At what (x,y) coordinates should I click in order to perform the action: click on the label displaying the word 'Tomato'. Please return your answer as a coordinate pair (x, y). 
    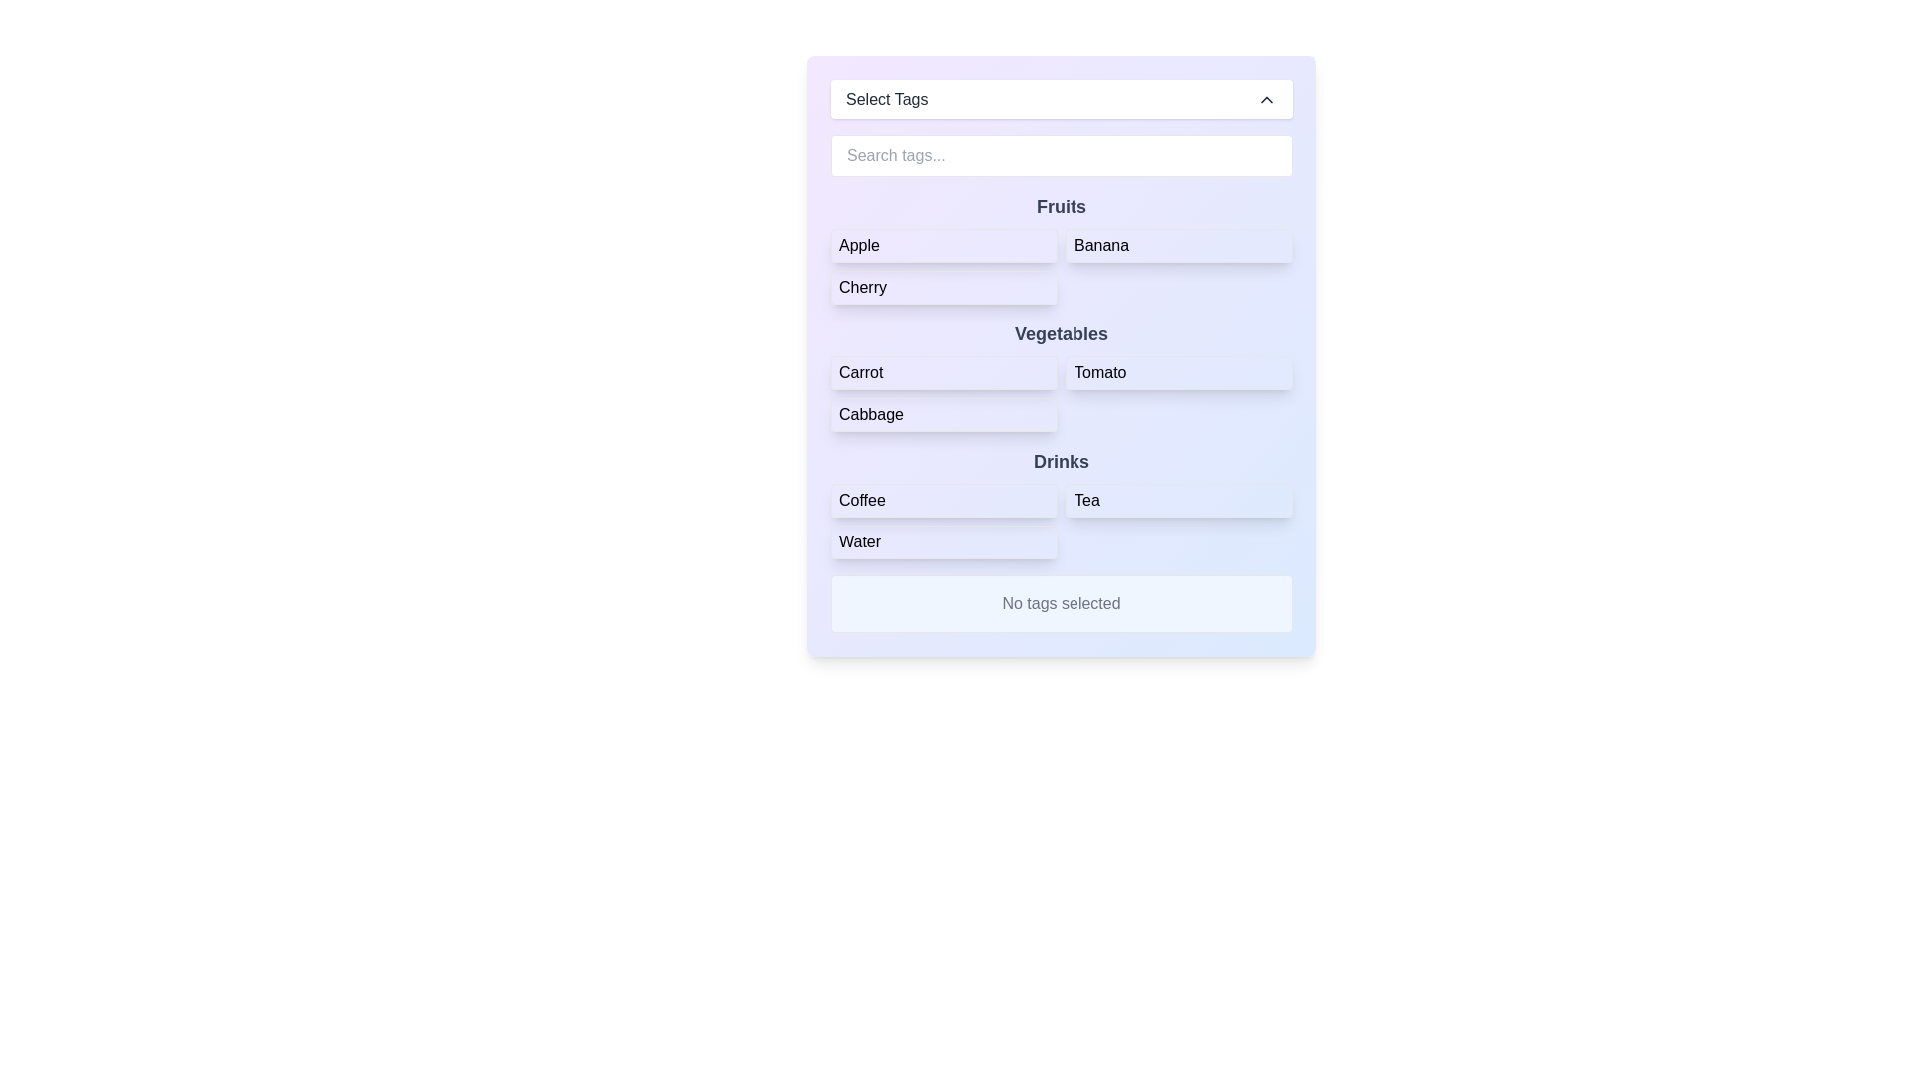
    Looking at the image, I should click on (1099, 372).